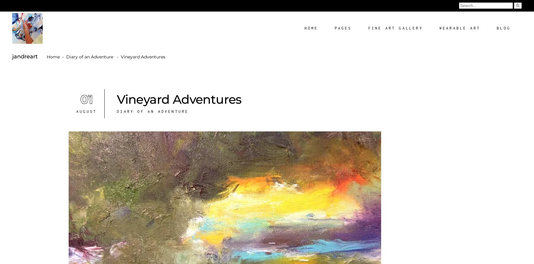 This screenshot has width=534, height=264. What do you see at coordinates (368, 28) in the screenshot?
I see `'Fine Art Gallery'` at bounding box center [368, 28].